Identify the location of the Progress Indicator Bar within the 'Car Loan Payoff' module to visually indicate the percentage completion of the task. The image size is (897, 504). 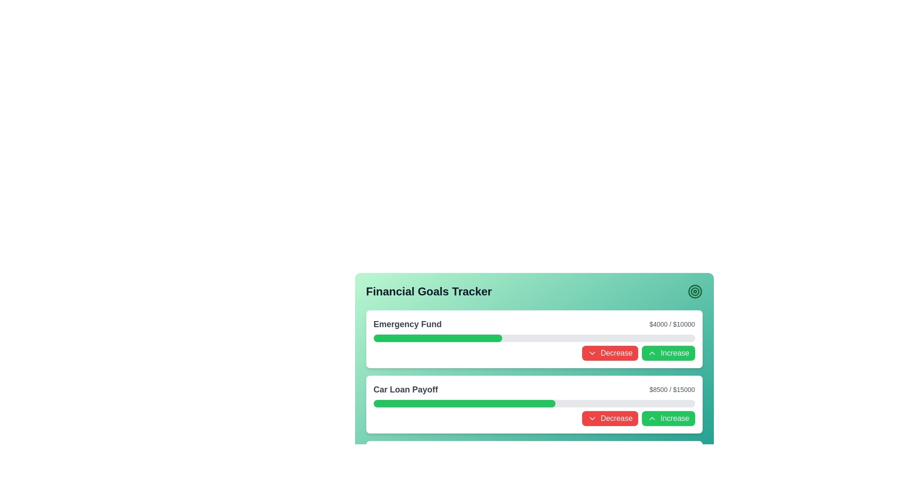
(464, 403).